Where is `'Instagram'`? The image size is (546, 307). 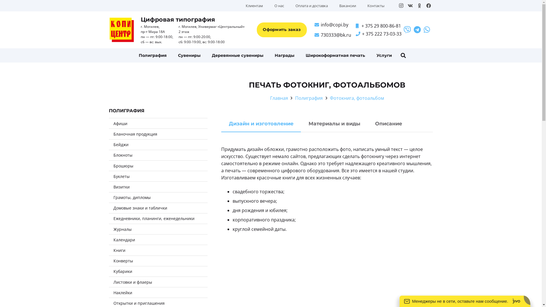 'Instagram' is located at coordinates (401, 5).